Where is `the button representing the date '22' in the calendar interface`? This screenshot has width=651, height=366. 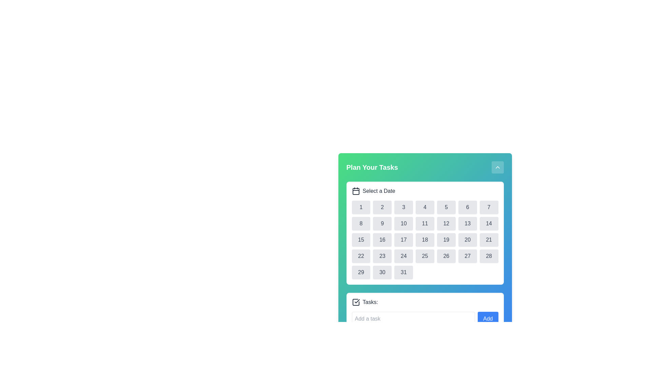
the button representing the date '22' in the calendar interface is located at coordinates (360, 256).